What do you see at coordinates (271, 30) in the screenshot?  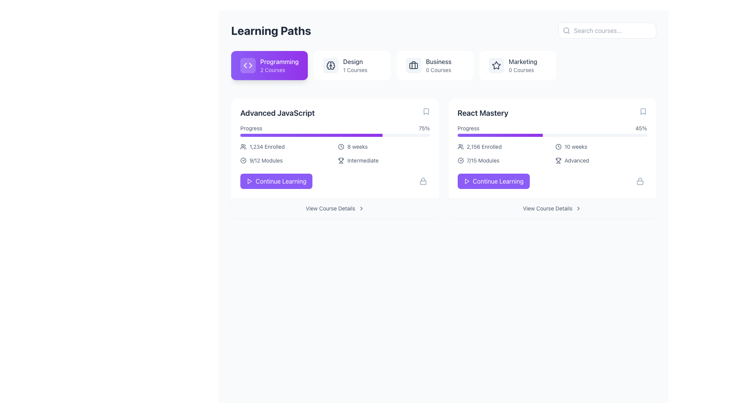 I see `the text label at the top-left corner of the header bar to check for potential tooltip information` at bounding box center [271, 30].